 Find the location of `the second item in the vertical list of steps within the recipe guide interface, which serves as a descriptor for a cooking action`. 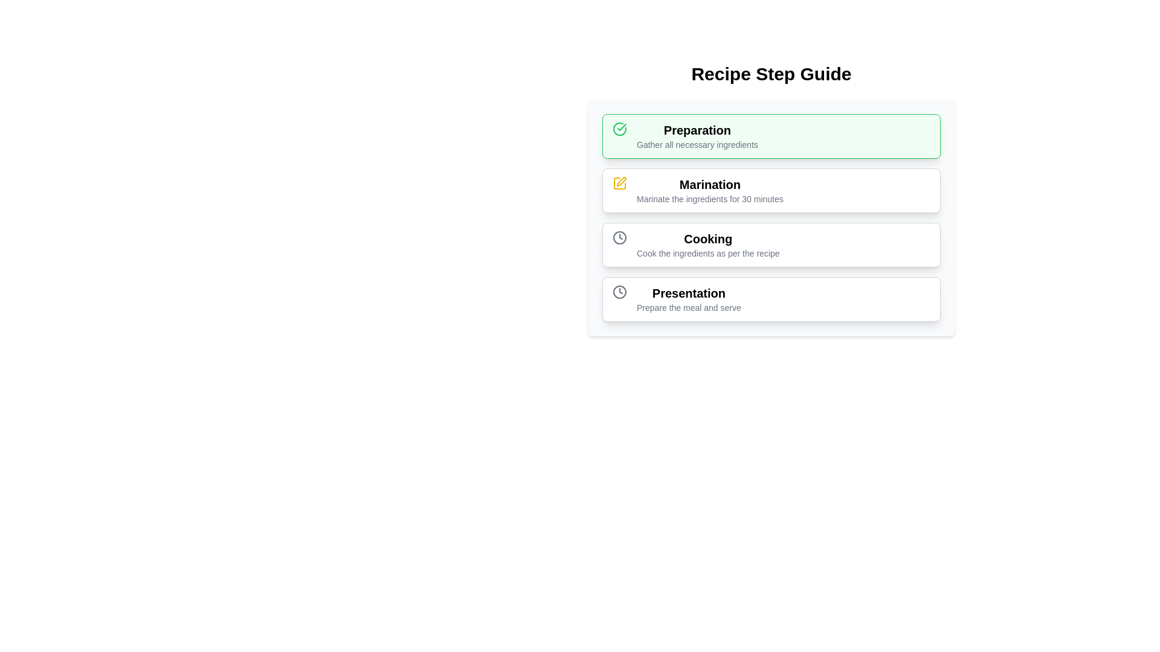

the second item in the vertical list of steps within the recipe guide interface, which serves as a descriptor for a cooking action is located at coordinates (710, 190).